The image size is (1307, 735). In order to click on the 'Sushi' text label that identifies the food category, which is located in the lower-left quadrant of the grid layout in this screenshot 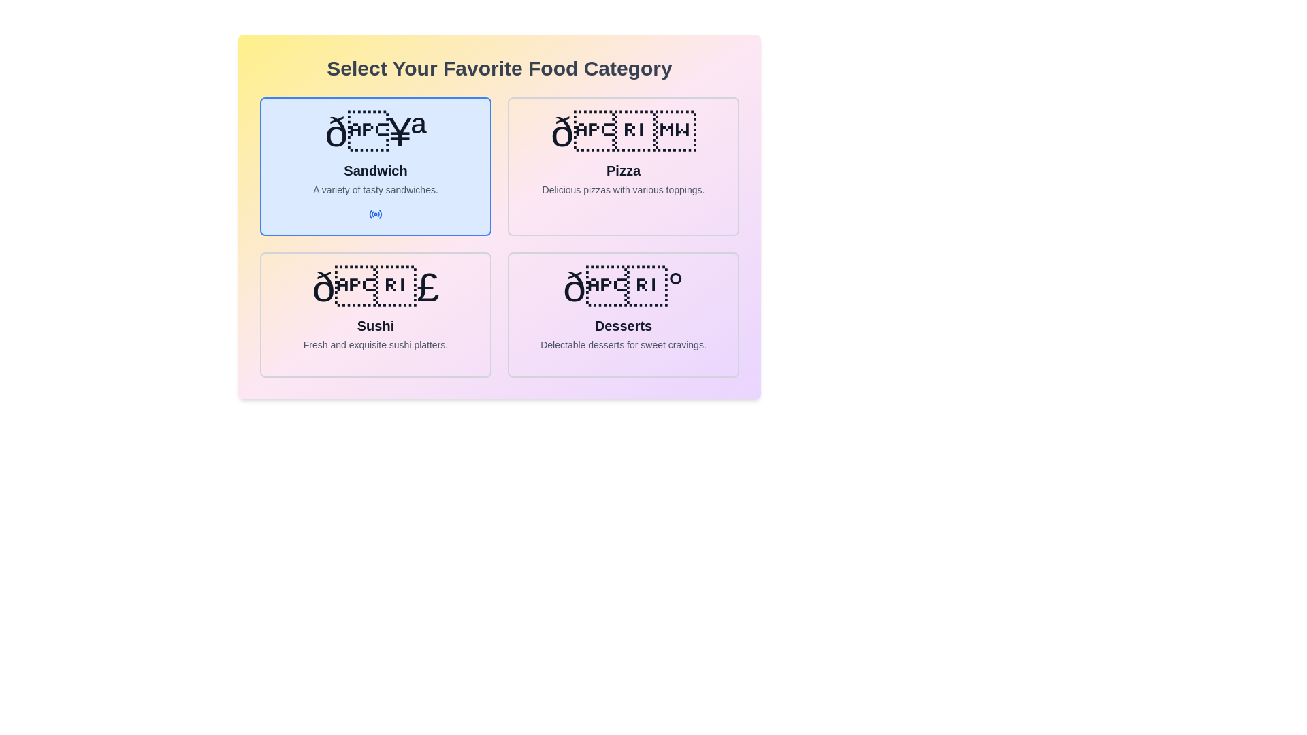, I will do `click(376, 325)`.